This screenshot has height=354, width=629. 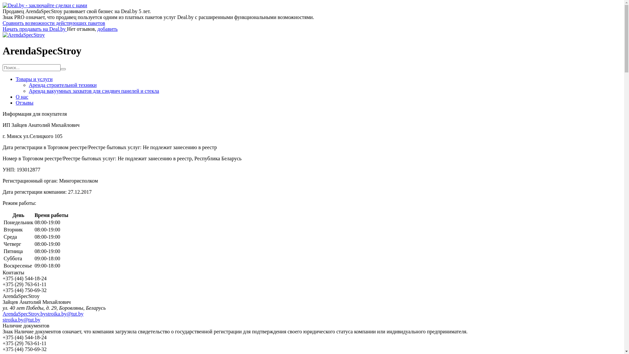 What do you see at coordinates (24, 35) in the screenshot?
I see `'ArendaSpecStroy'` at bounding box center [24, 35].